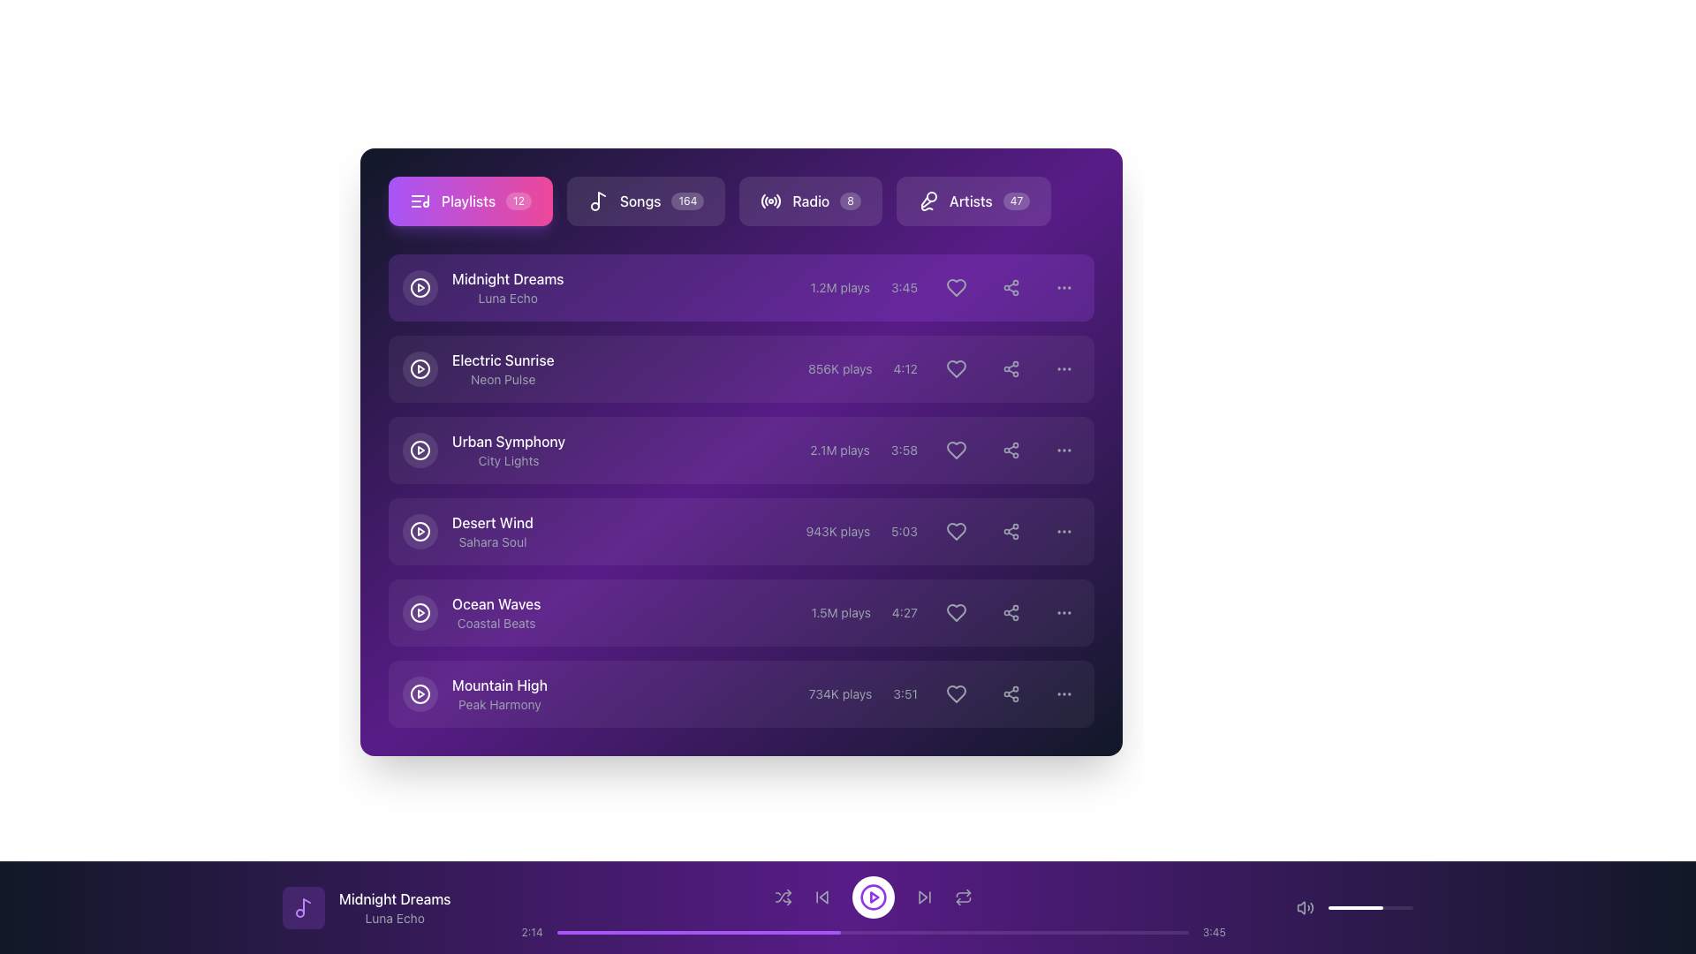  What do you see at coordinates (478, 367) in the screenshot?
I see `the play button located to the left of the text 'Electric Sunrise' and 'Neon Pulse'` at bounding box center [478, 367].